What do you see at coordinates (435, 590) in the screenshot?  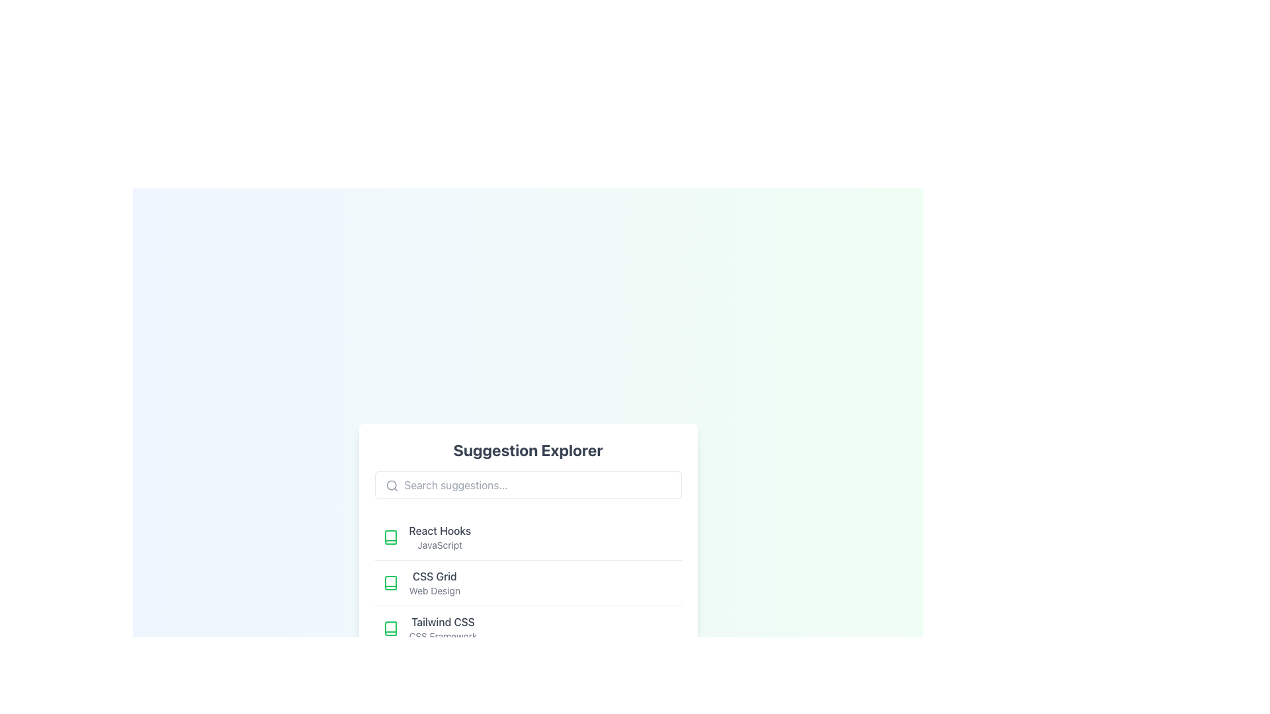 I see `the static text element that provides additional context about 'CSS Grid', positioned below the primary label 'CSS Grid' in the two-line listing` at bounding box center [435, 590].